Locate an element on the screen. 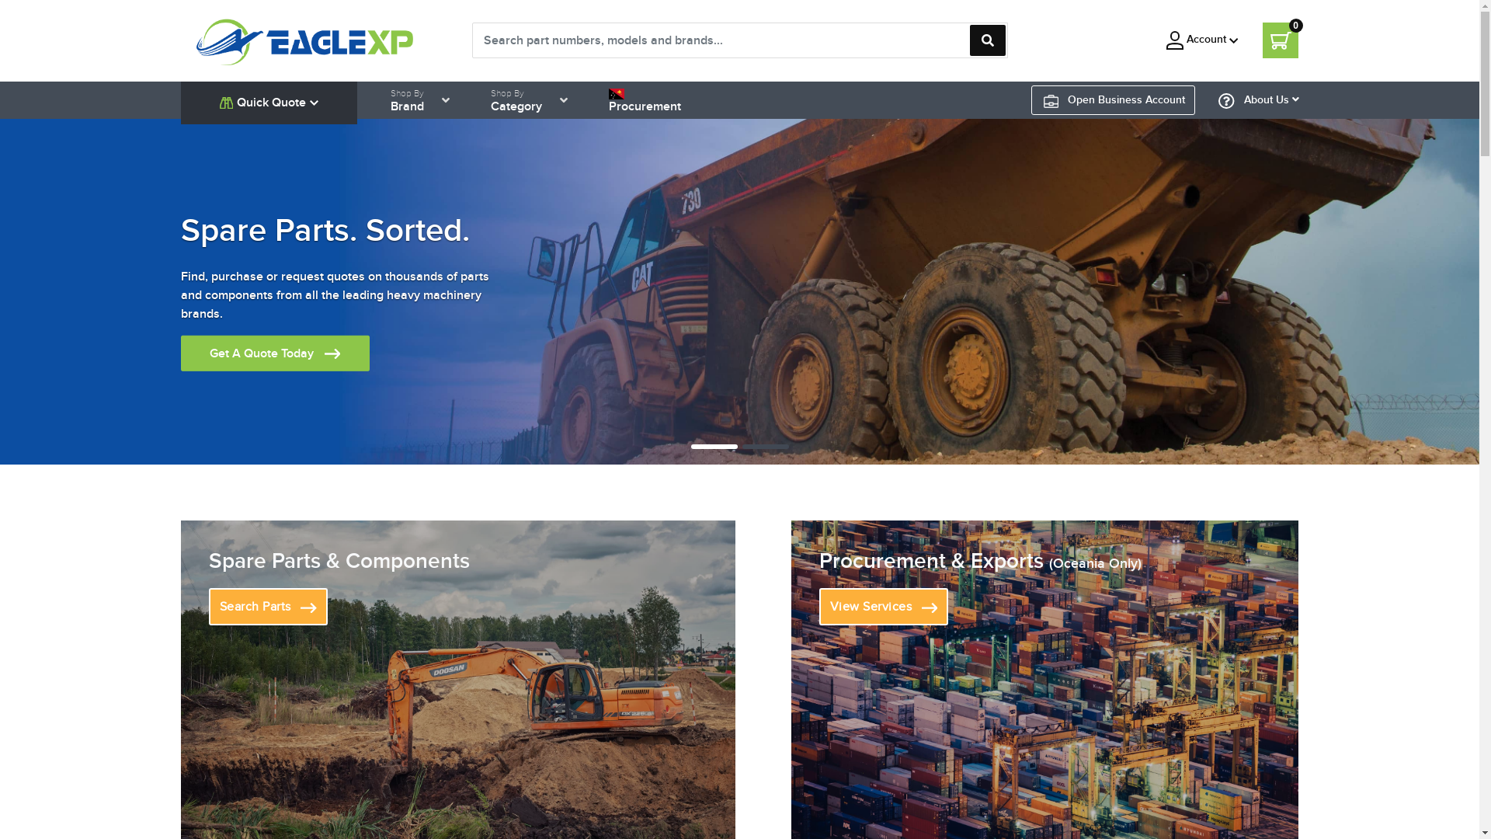  'Search' is located at coordinates (986, 39).